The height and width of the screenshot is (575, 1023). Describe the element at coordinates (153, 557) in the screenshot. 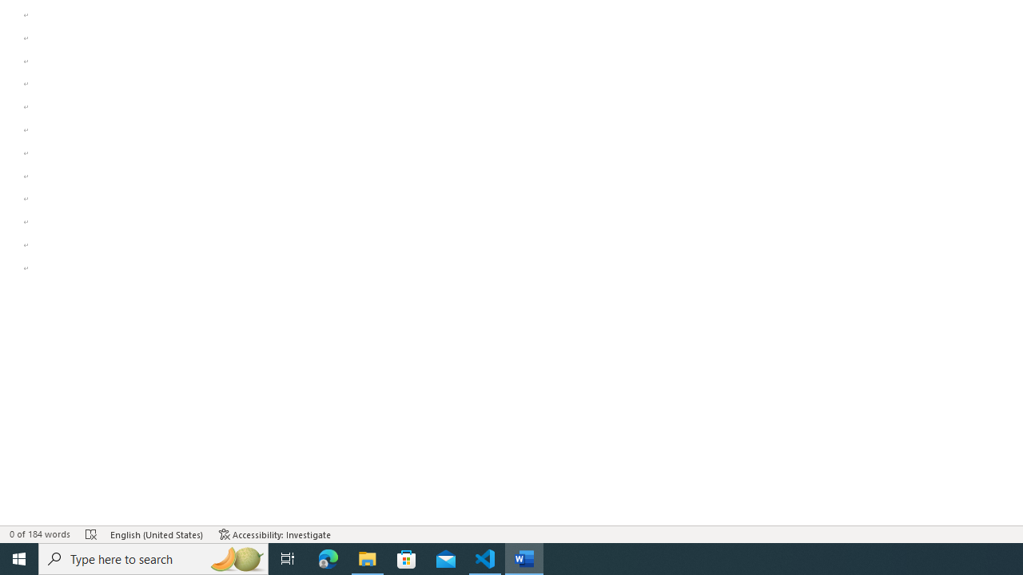

I see `'Type here to search'` at that location.